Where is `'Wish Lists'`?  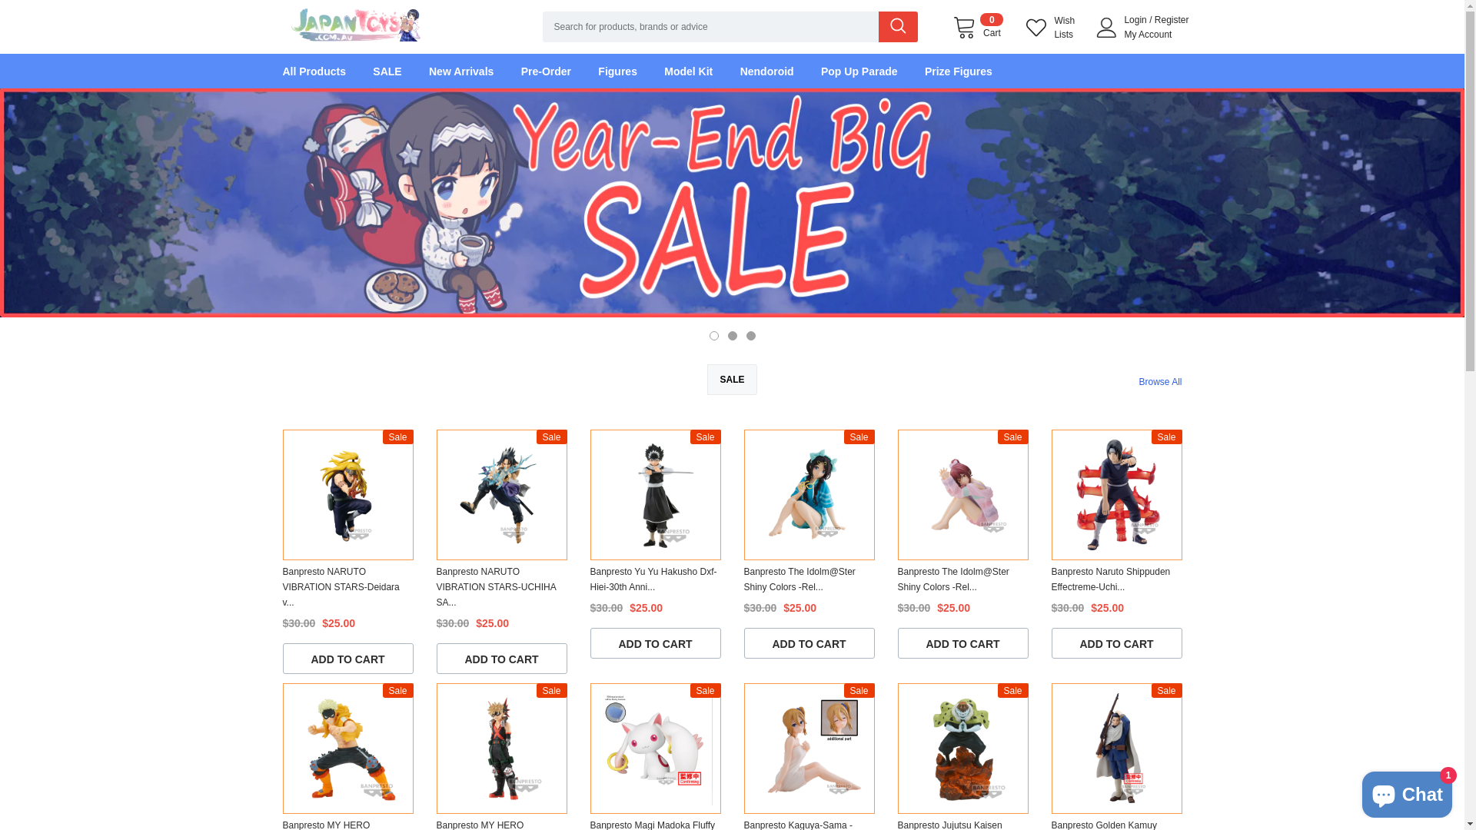 'Wish Lists' is located at coordinates (1026, 27).